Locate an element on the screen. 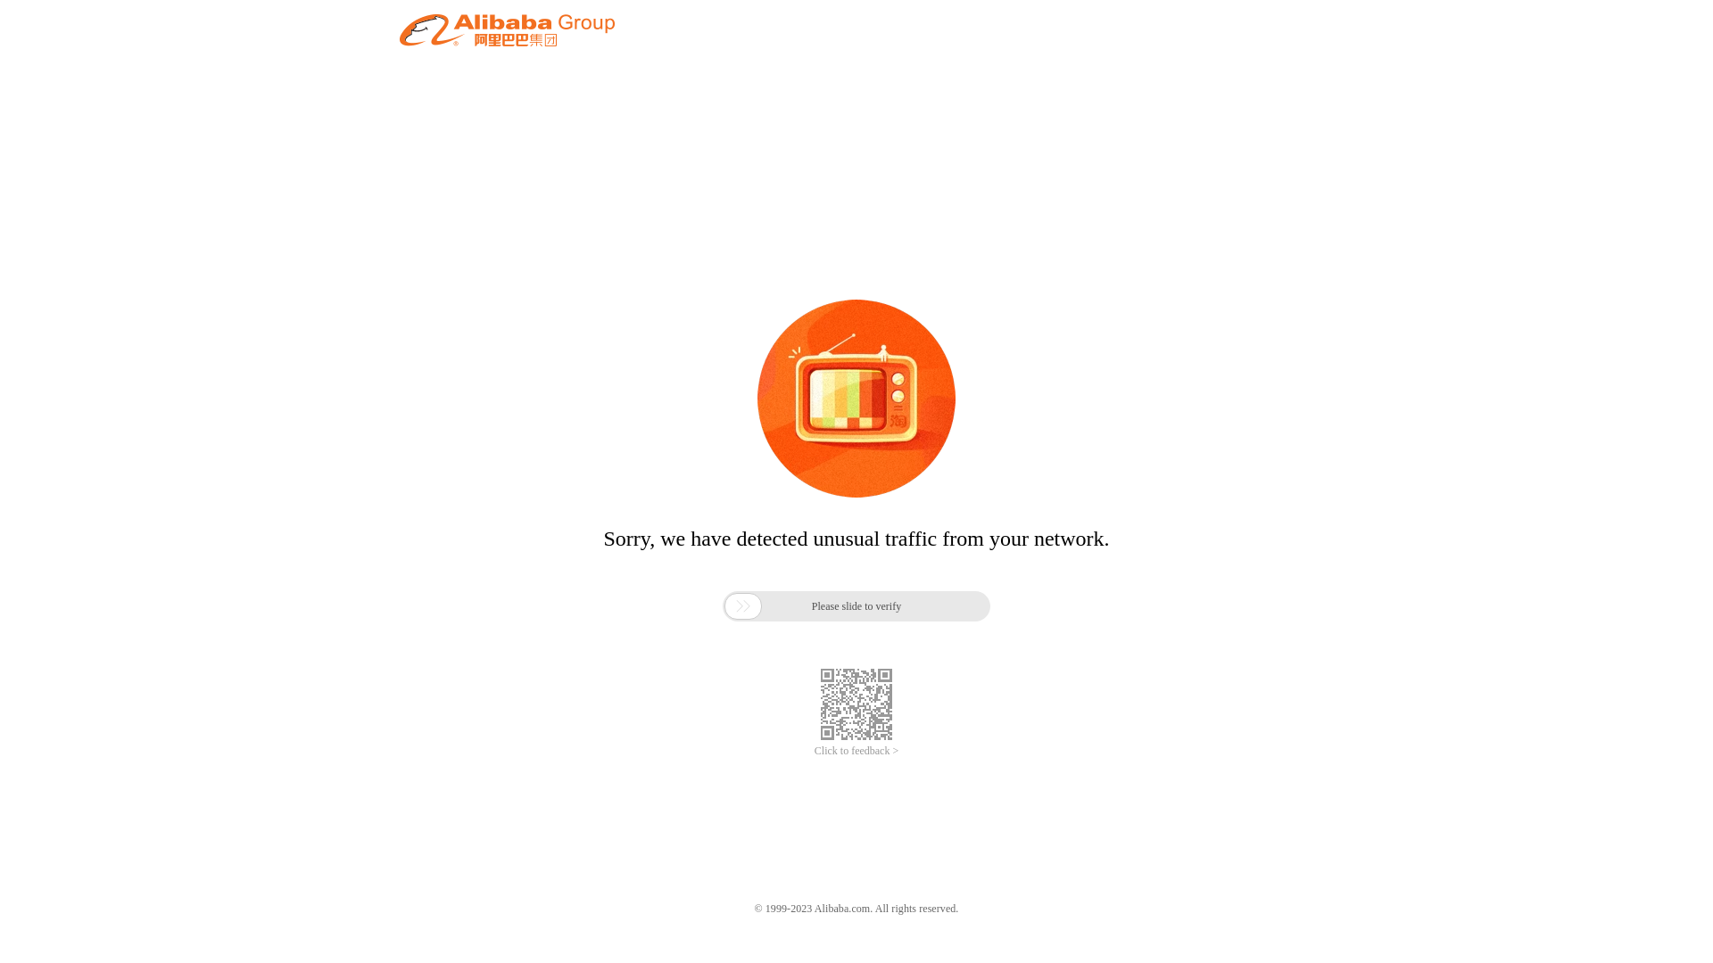  'Click to feedback >' is located at coordinates (813, 751).